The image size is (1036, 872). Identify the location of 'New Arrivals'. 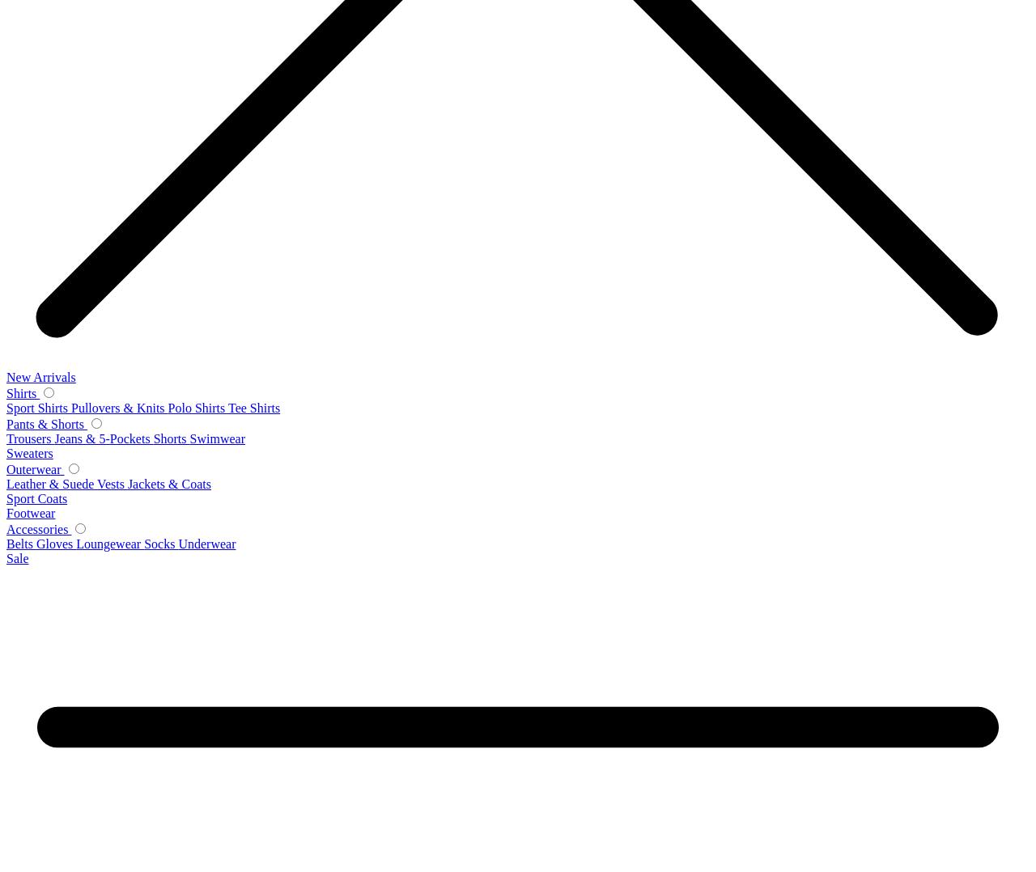
(40, 376).